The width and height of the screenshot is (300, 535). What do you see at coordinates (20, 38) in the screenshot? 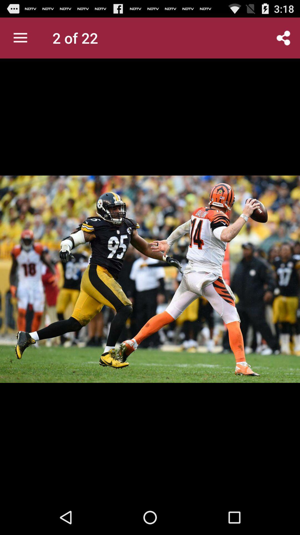
I see `icon next to the 2 of 22 item` at bounding box center [20, 38].